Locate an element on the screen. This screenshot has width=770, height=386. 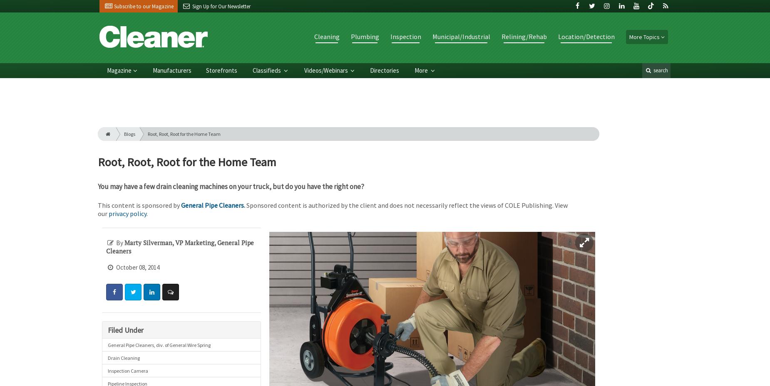
'Drain Cleaning' is located at coordinates (123, 357).